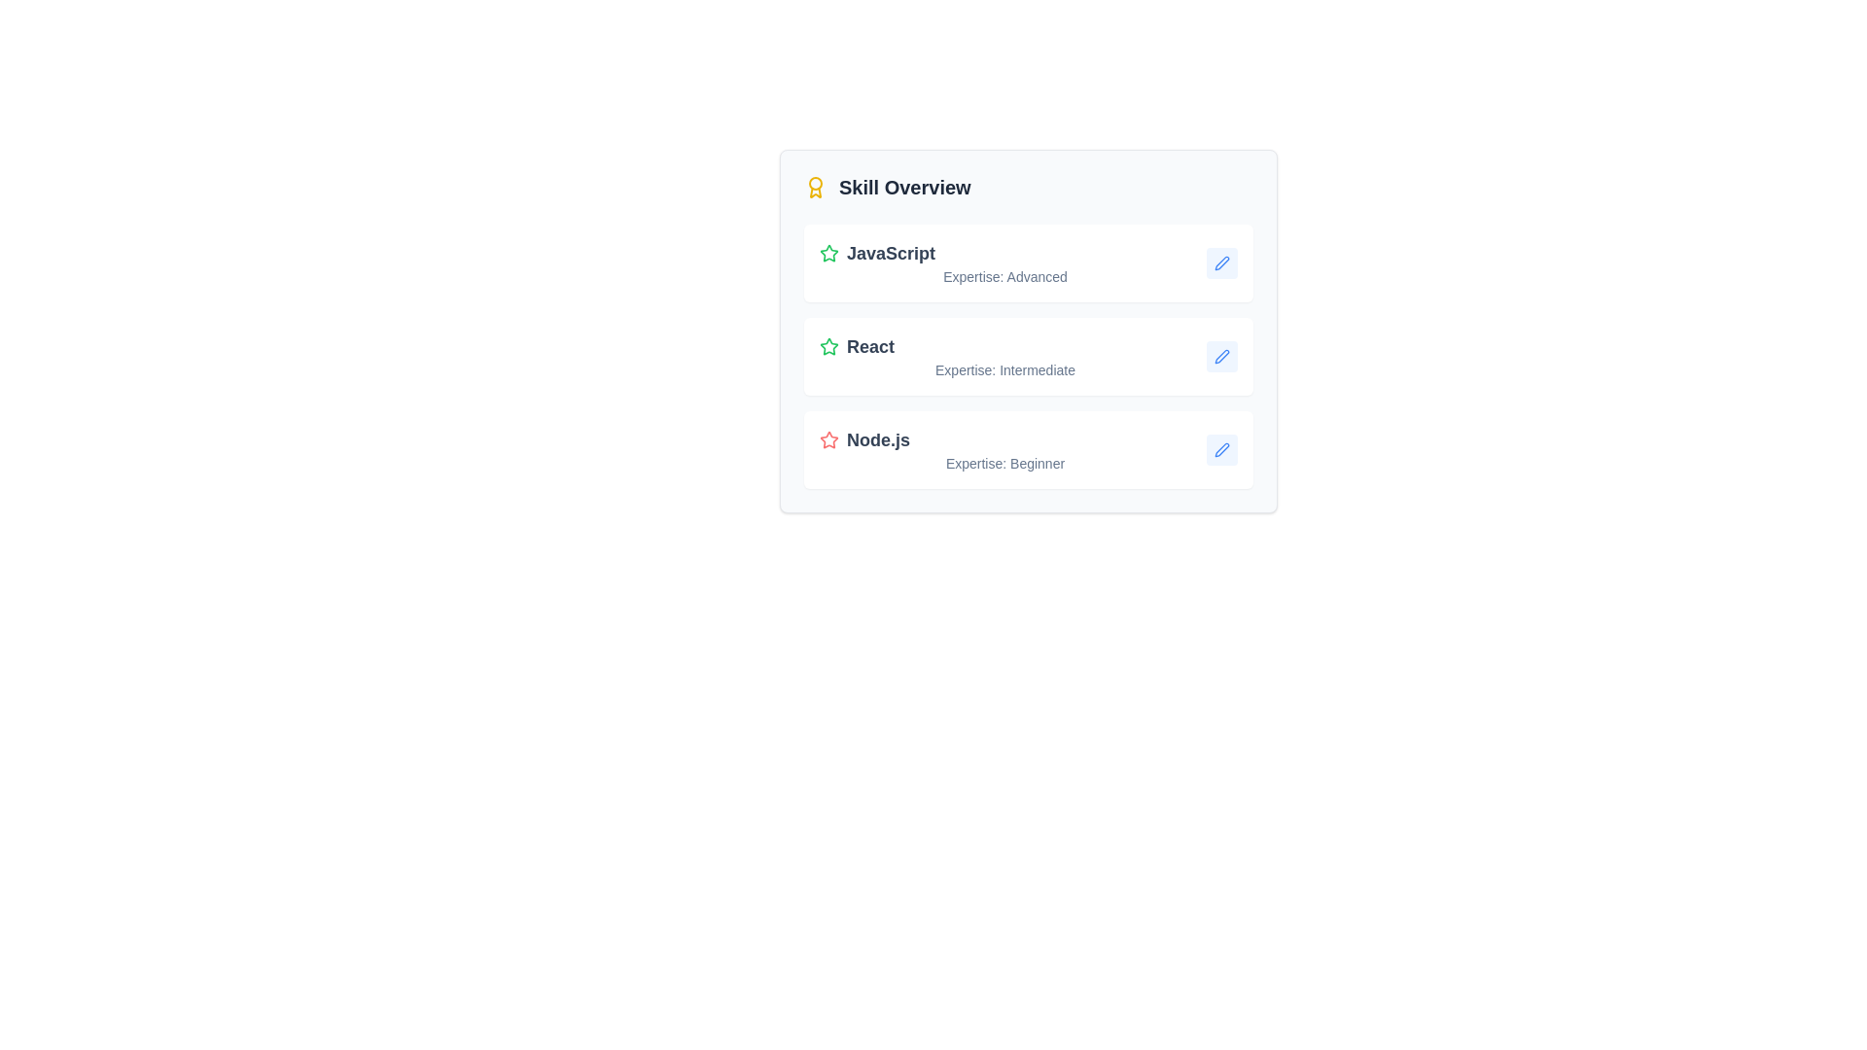  What do you see at coordinates (816, 184) in the screenshot?
I see `the circular base of the badge-like icon, which serves as a decorative part symbolizing importance or achievement` at bounding box center [816, 184].